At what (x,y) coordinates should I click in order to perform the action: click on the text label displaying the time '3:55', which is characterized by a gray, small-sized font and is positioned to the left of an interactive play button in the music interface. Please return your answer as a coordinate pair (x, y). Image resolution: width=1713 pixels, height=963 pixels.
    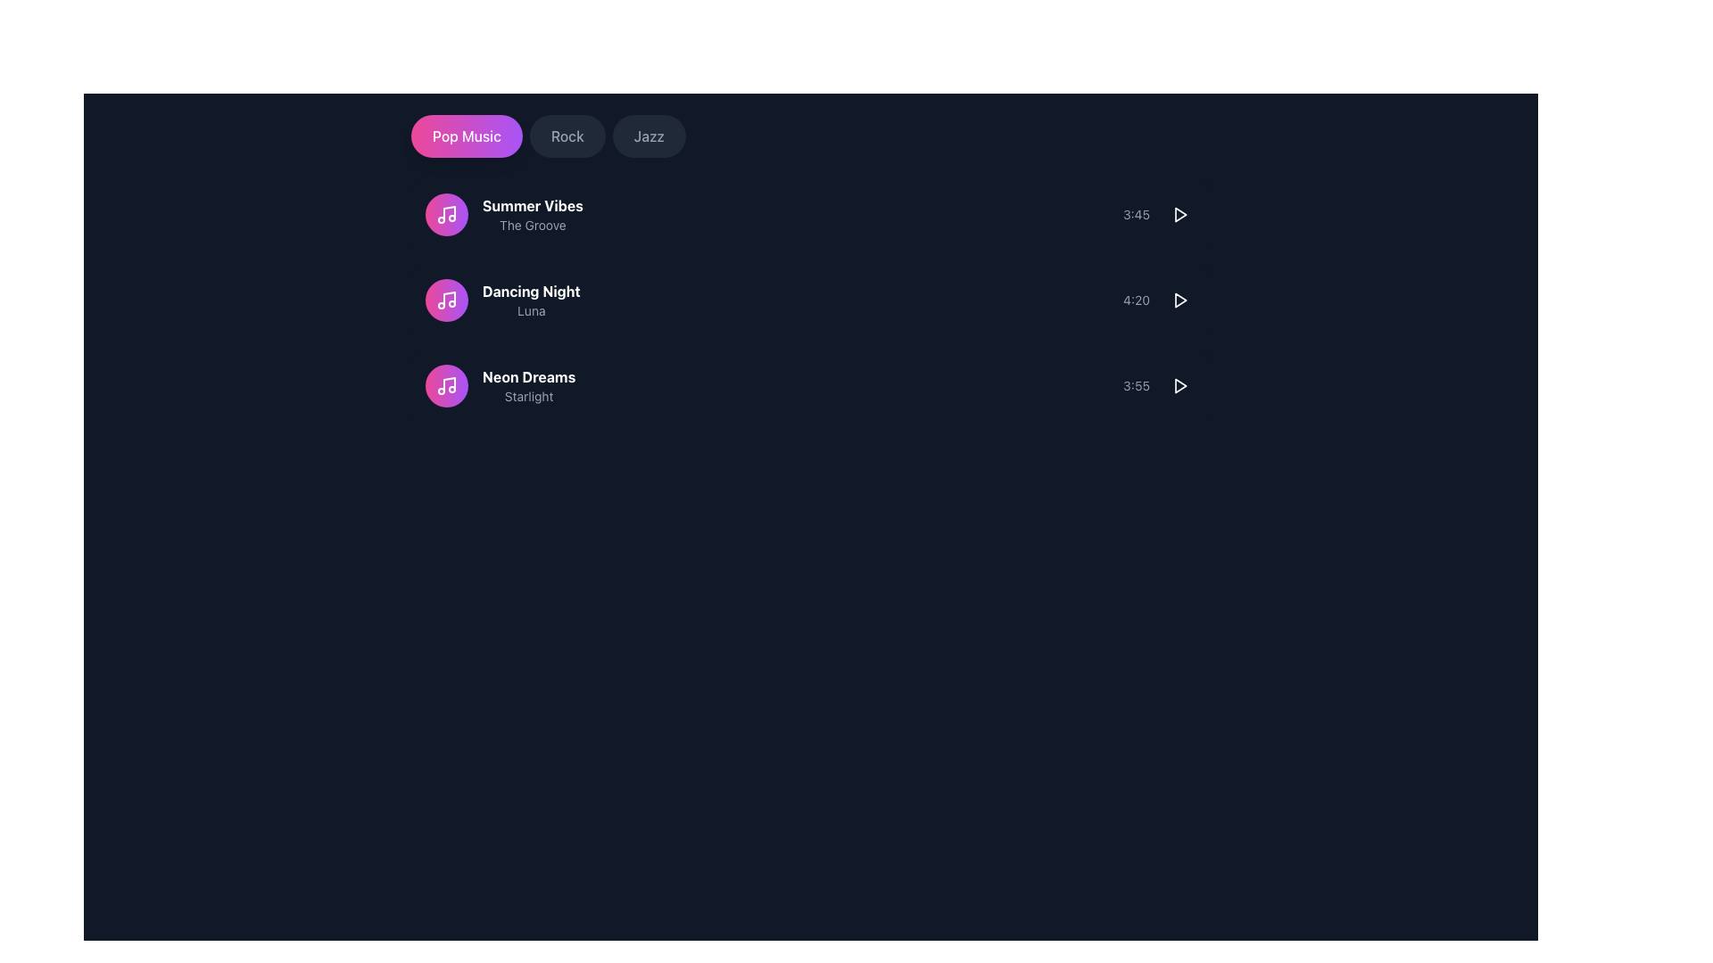
    Looking at the image, I should click on (1136, 384).